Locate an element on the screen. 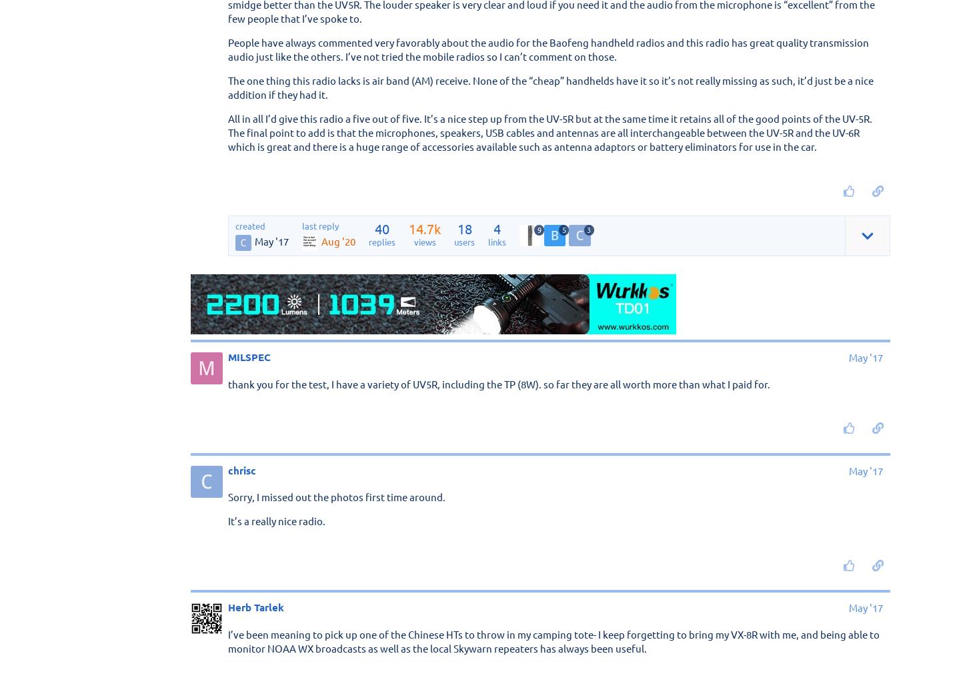 Image resolution: width=967 pixels, height=684 pixels. 'users' is located at coordinates (453, 240).